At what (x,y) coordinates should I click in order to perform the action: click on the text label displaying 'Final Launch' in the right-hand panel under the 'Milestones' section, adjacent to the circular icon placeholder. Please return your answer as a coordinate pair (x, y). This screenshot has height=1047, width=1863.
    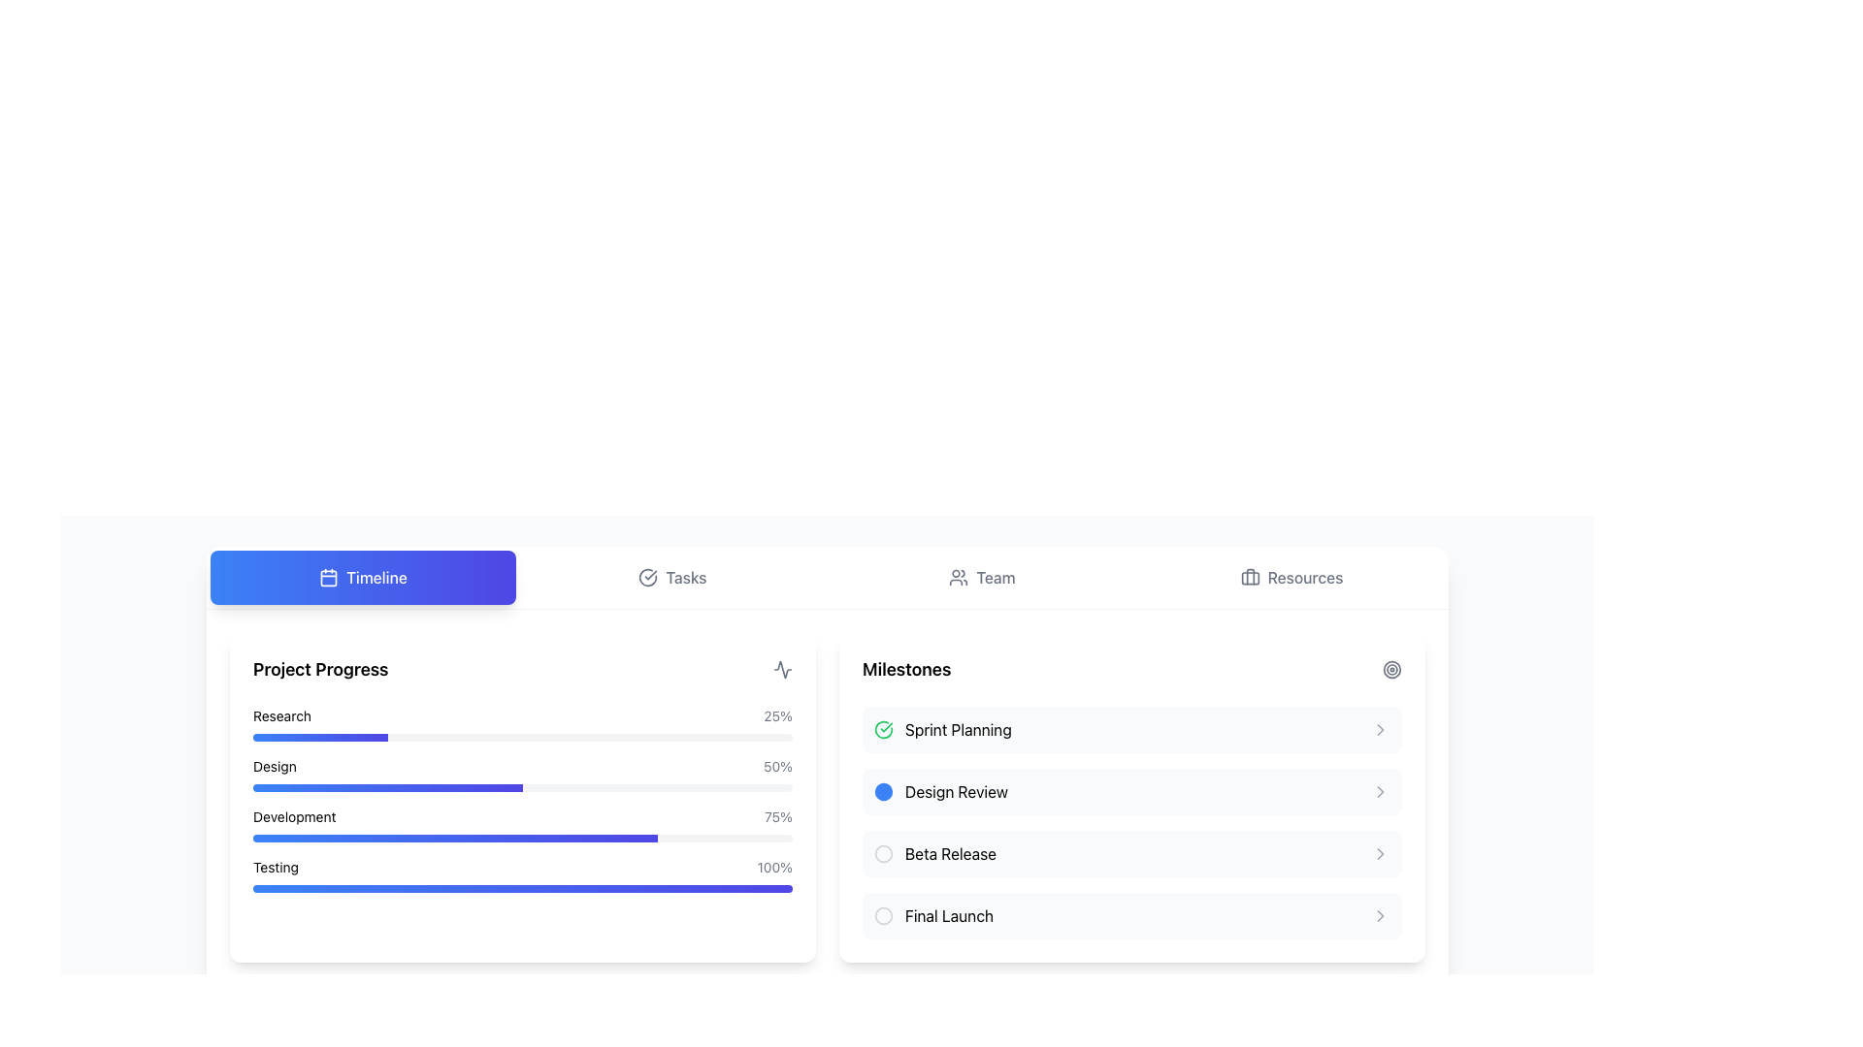
    Looking at the image, I should click on (949, 916).